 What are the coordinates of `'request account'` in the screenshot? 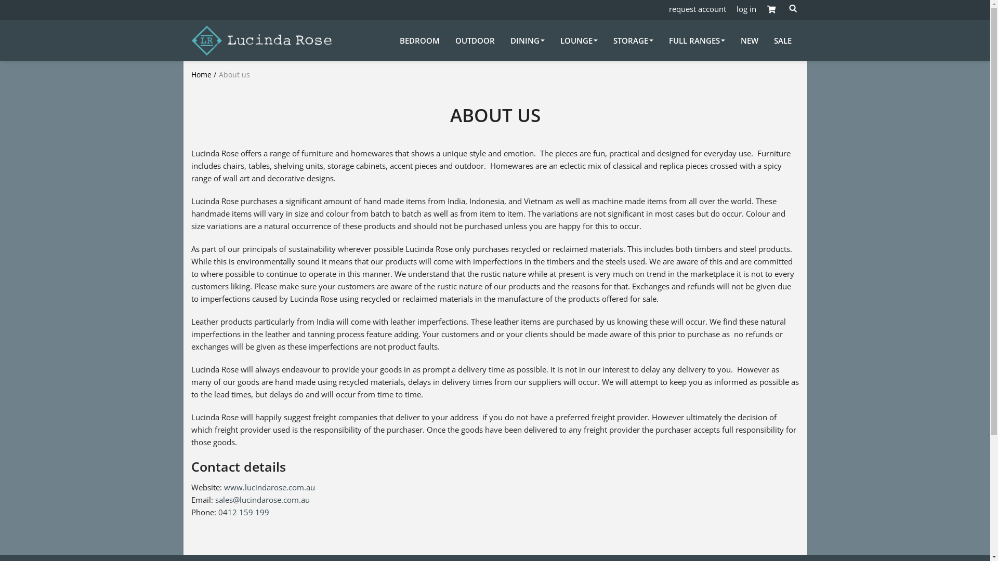 It's located at (668, 8).